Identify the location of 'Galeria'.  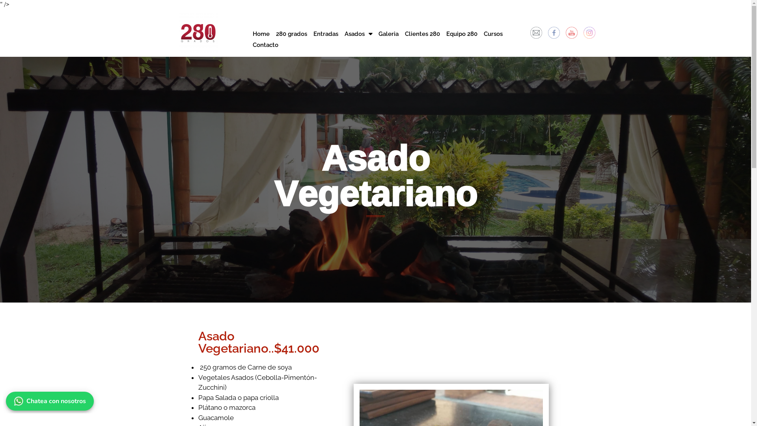
(388, 33).